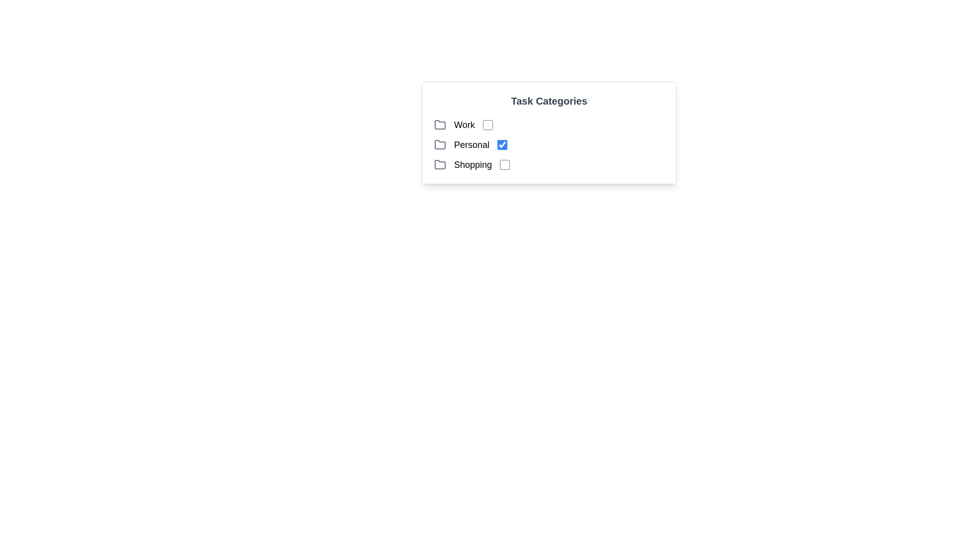 The height and width of the screenshot is (538, 956). I want to click on the folder icon representing the 'Work' category, which is the first item in a vertical list of folder icons, located to the left of the text label 'Work', so click(439, 124).